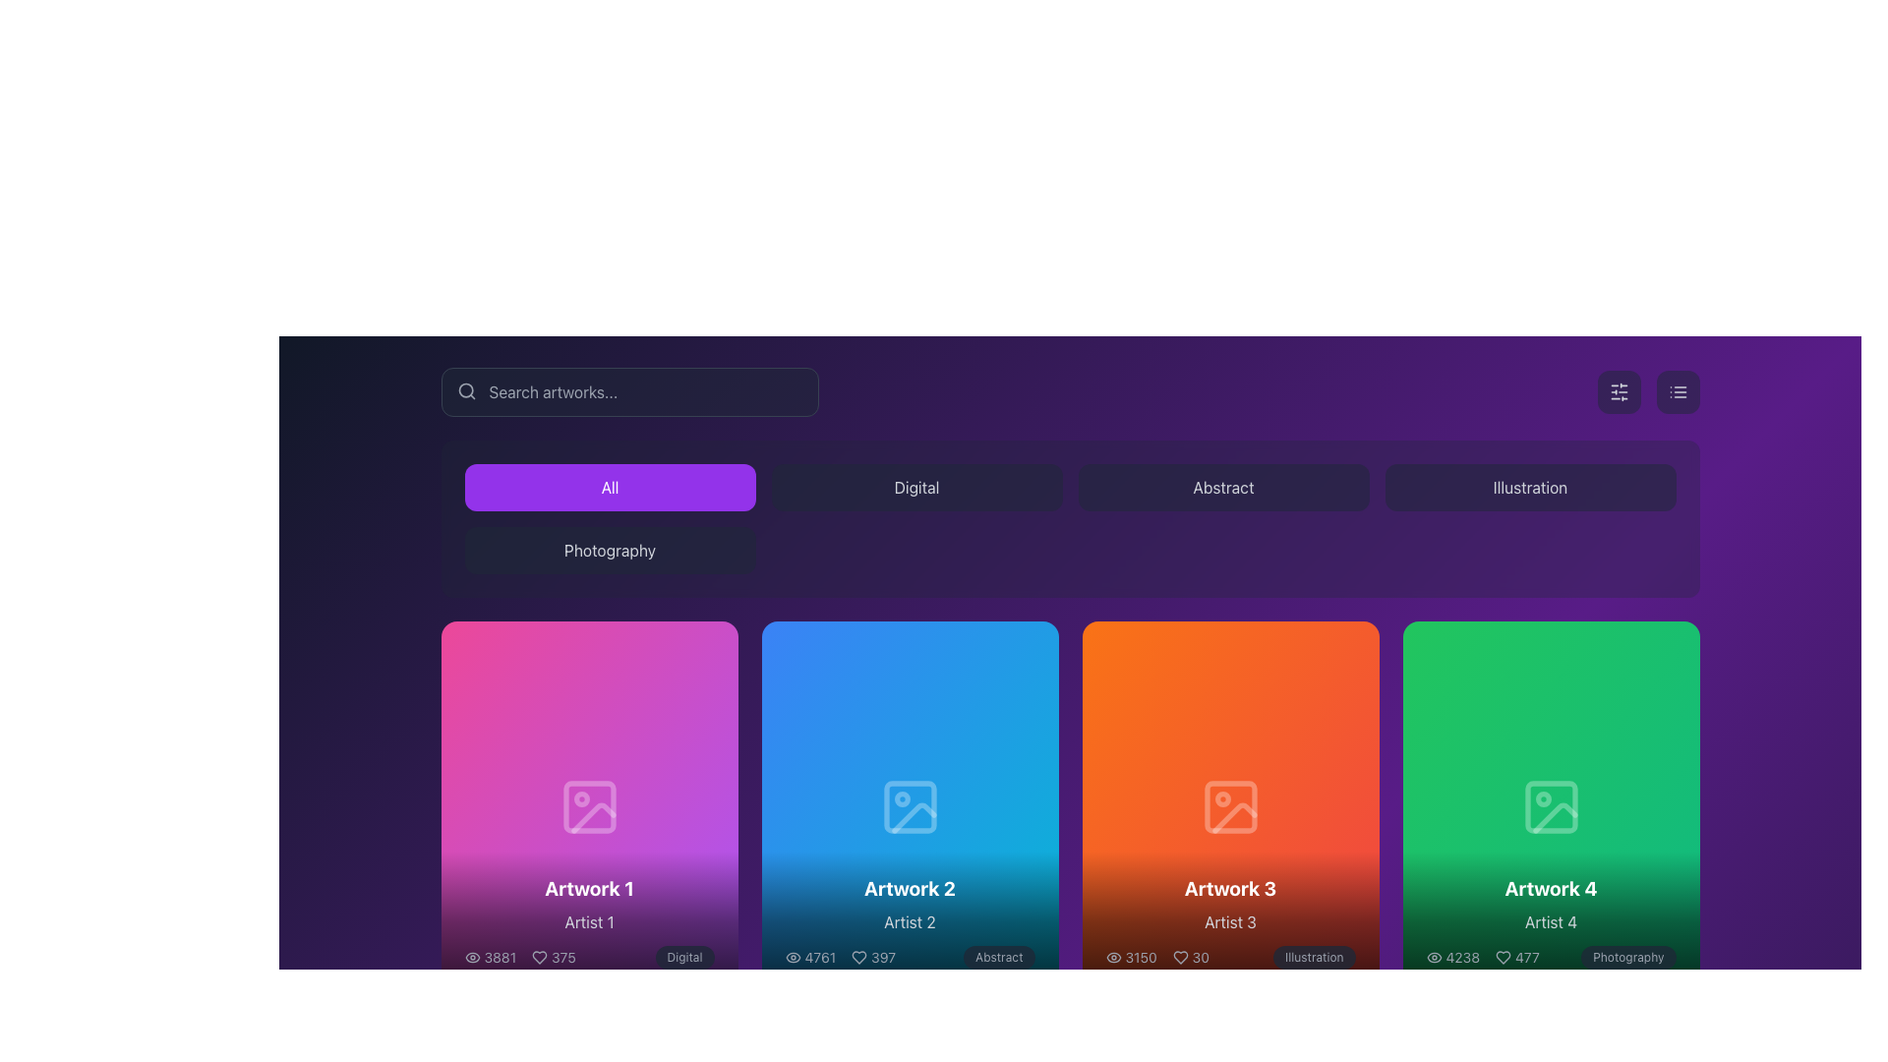 Image resolution: width=1888 pixels, height=1062 pixels. Describe the element at coordinates (1677, 391) in the screenshot. I see `the icon button representing a list view, which is located in the top-right corner of the interface` at that location.